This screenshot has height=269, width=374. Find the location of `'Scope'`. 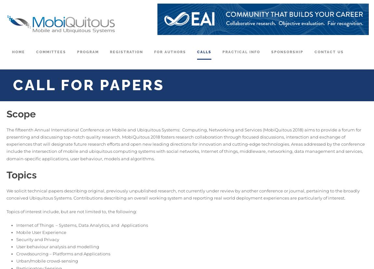

'Scope' is located at coordinates (20, 114).